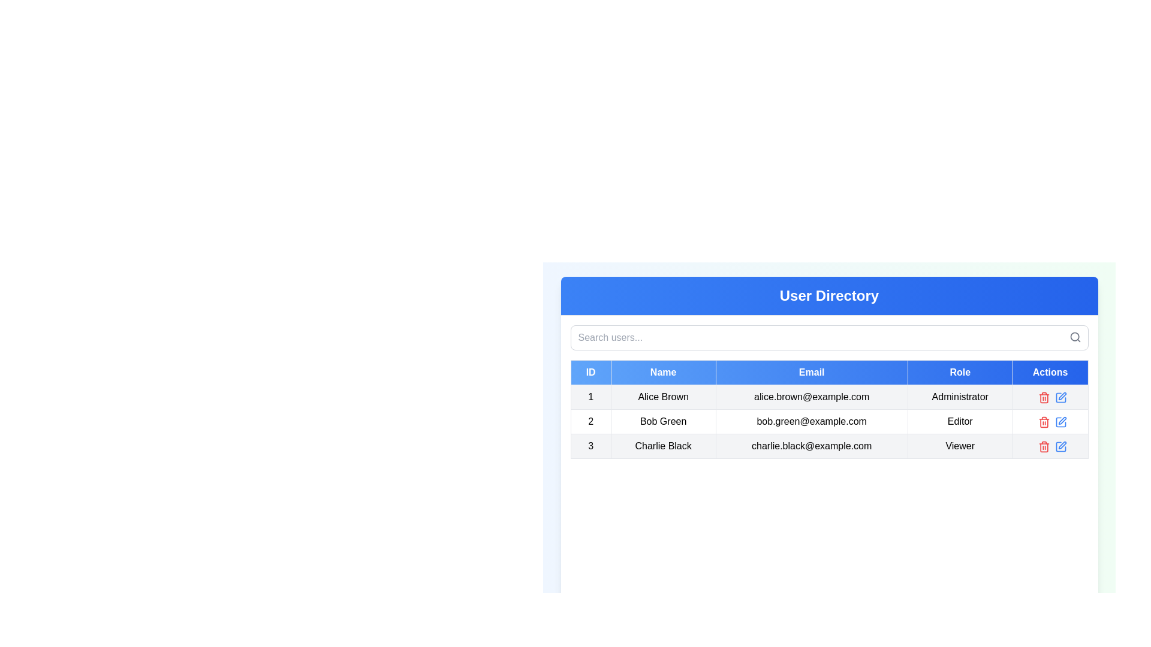  I want to click on the trash can icon in the Actions column of the second row of the User Directory table, so click(1044, 421).